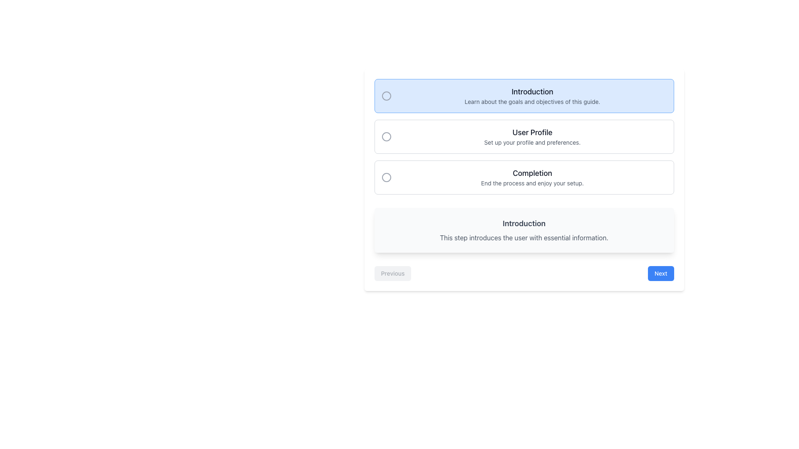 The height and width of the screenshot is (449, 799). What do you see at coordinates (532, 91) in the screenshot?
I see `the text label displaying 'Introduction', which is styled in bold with a larger font size and has a light blue background, positioned at the top of a selection item` at bounding box center [532, 91].